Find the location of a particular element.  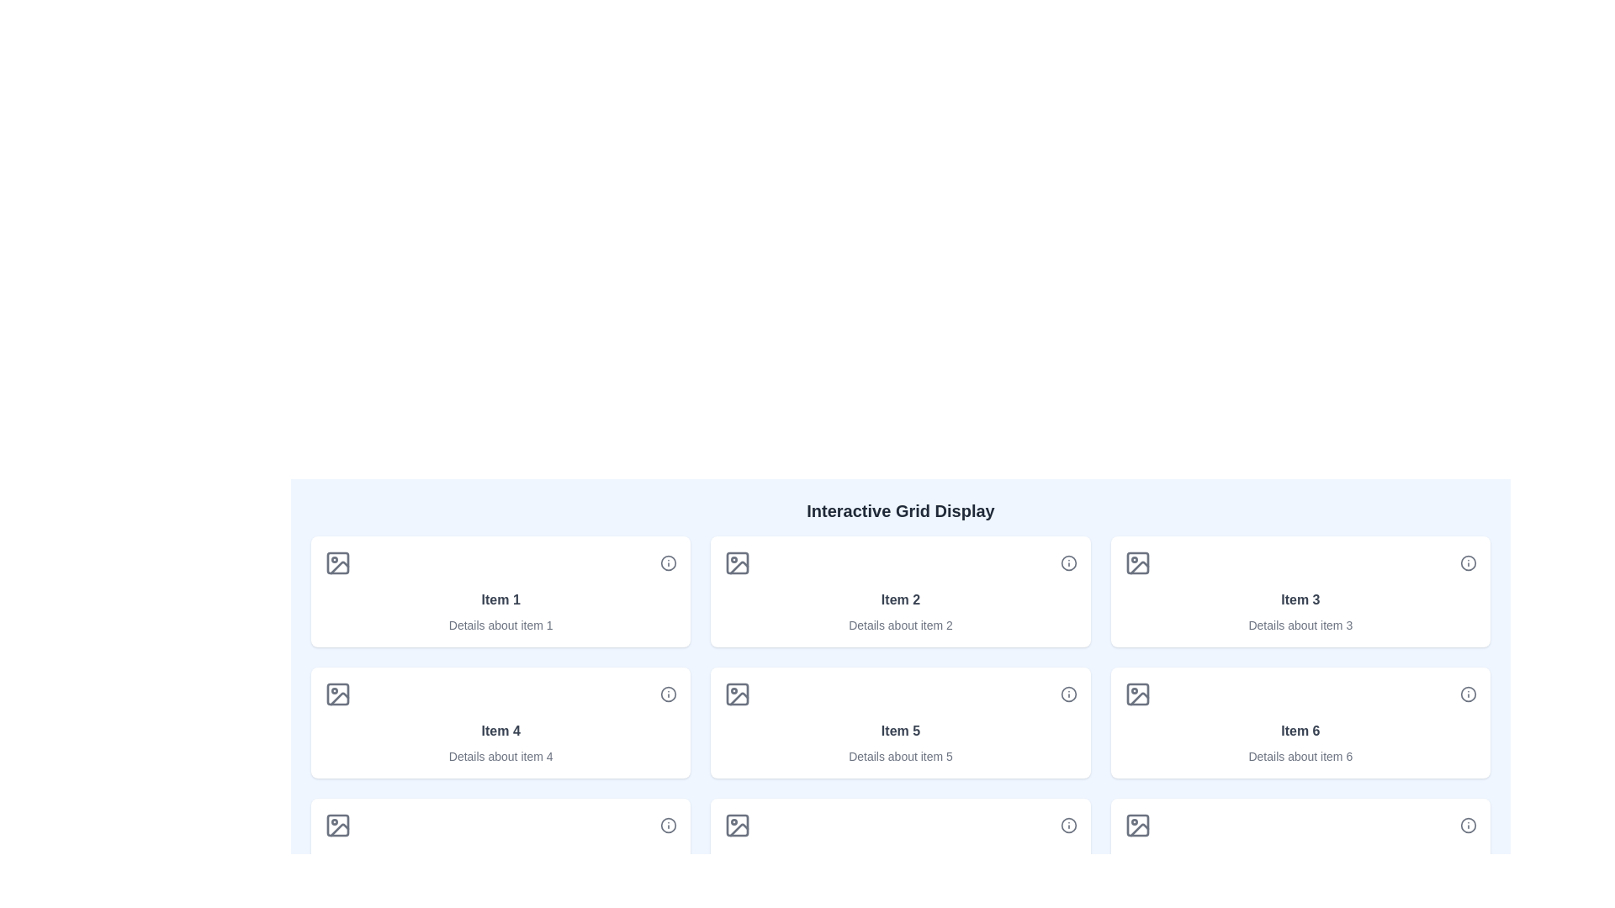

the circular gray icon button located at the top-right corner of the 'Item 5' card is located at coordinates (1067, 694).